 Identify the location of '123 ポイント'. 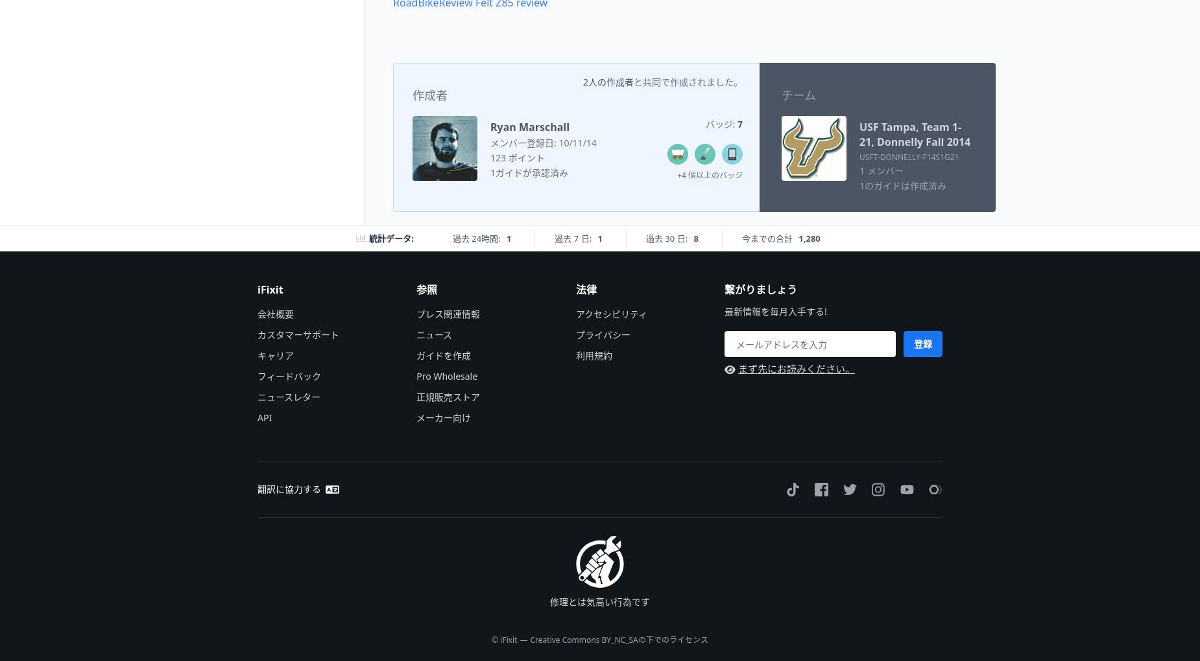
(490, 157).